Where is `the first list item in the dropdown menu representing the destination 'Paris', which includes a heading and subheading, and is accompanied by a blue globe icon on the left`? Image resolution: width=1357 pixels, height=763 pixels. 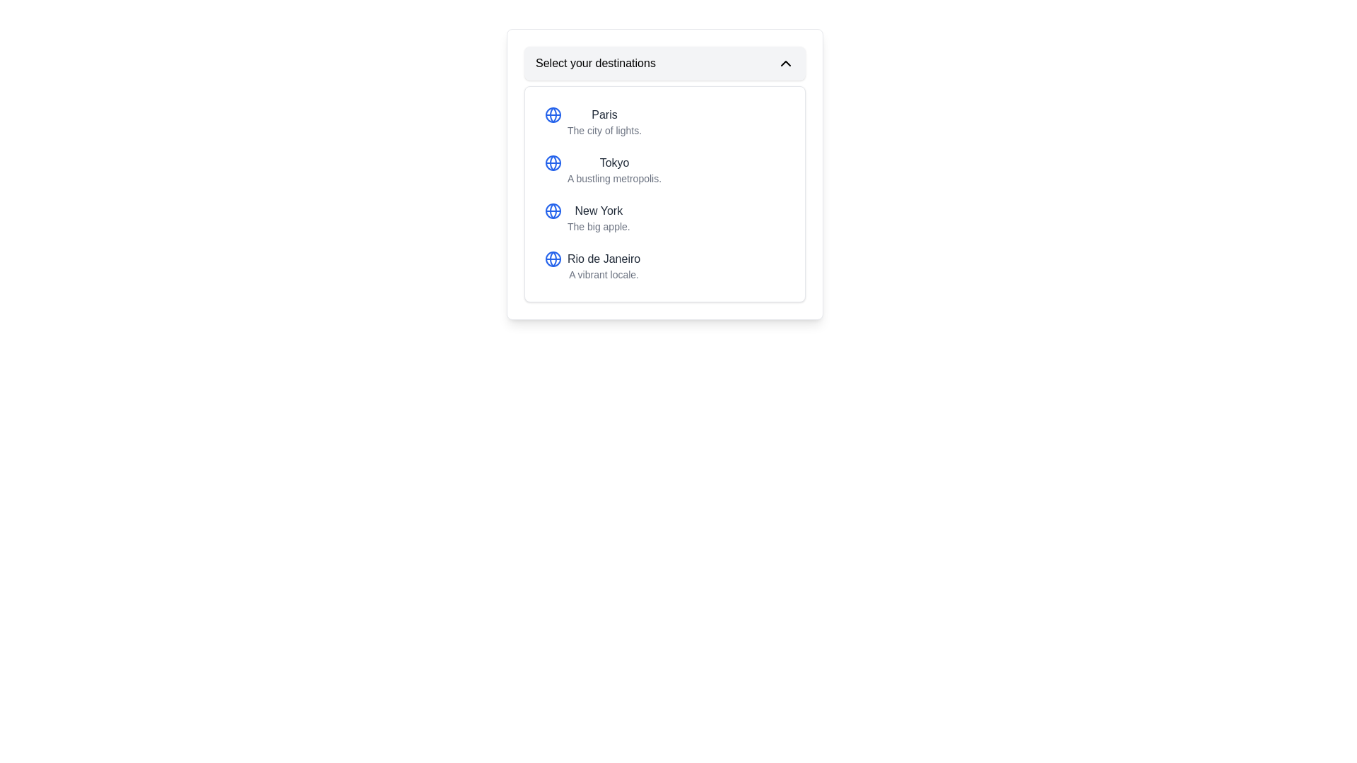 the first list item in the dropdown menu representing the destination 'Paris', which includes a heading and subheading, and is accompanied by a blue globe icon on the left is located at coordinates (604, 122).